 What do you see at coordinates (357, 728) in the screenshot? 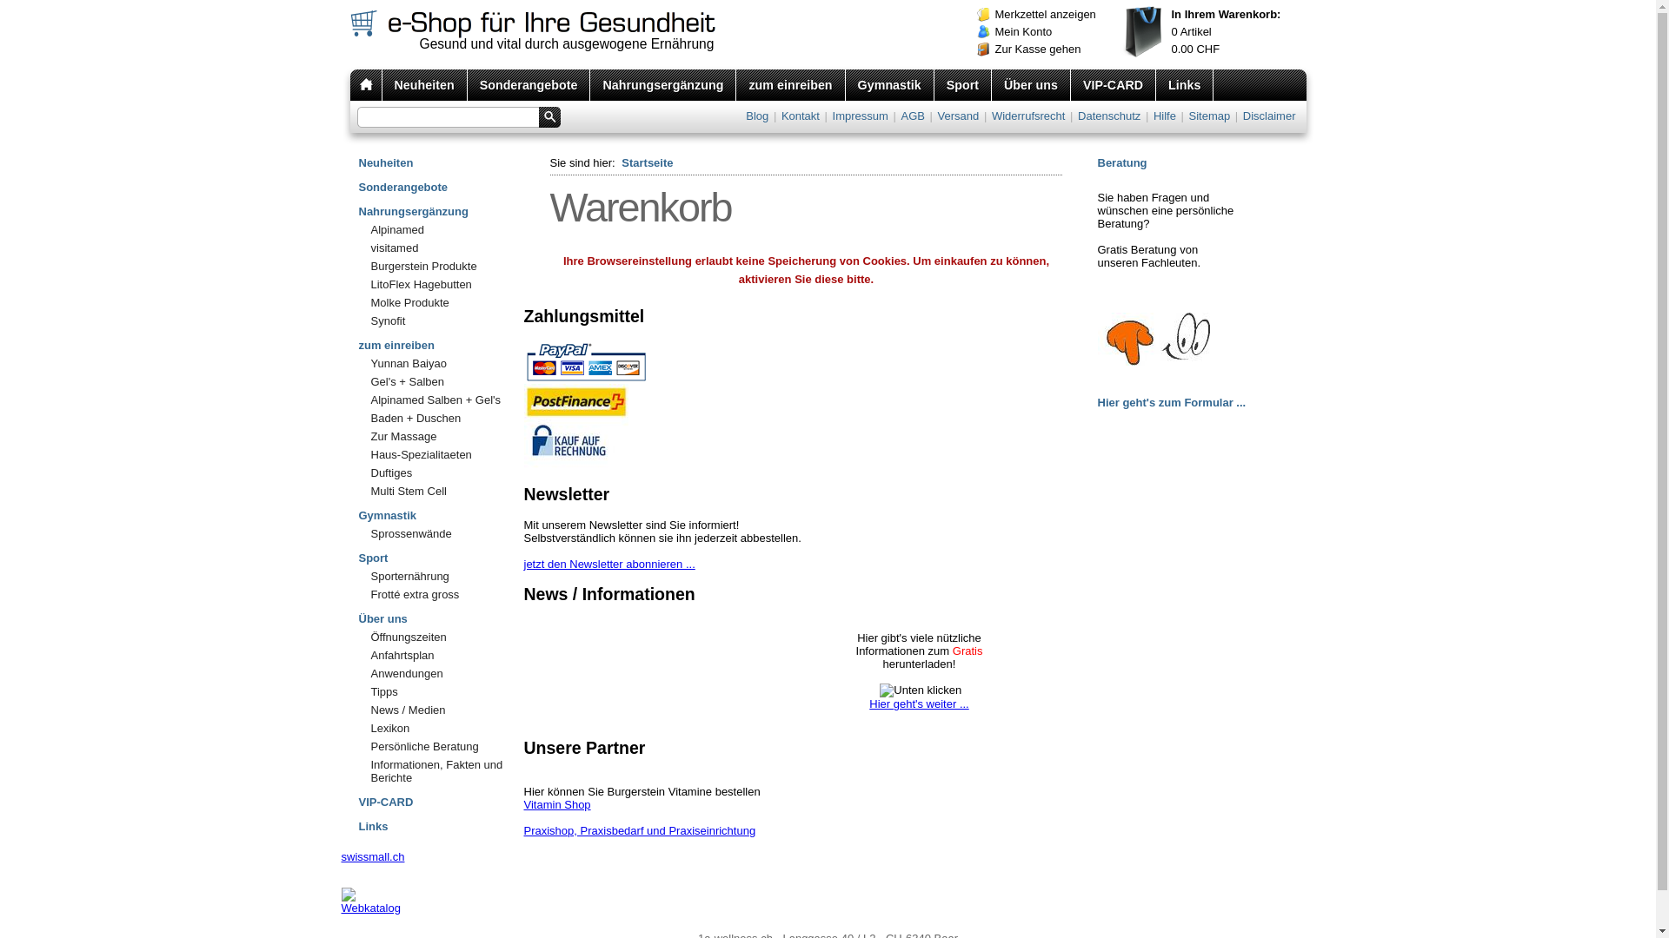
I see `'Lexikon'` at bounding box center [357, 728].